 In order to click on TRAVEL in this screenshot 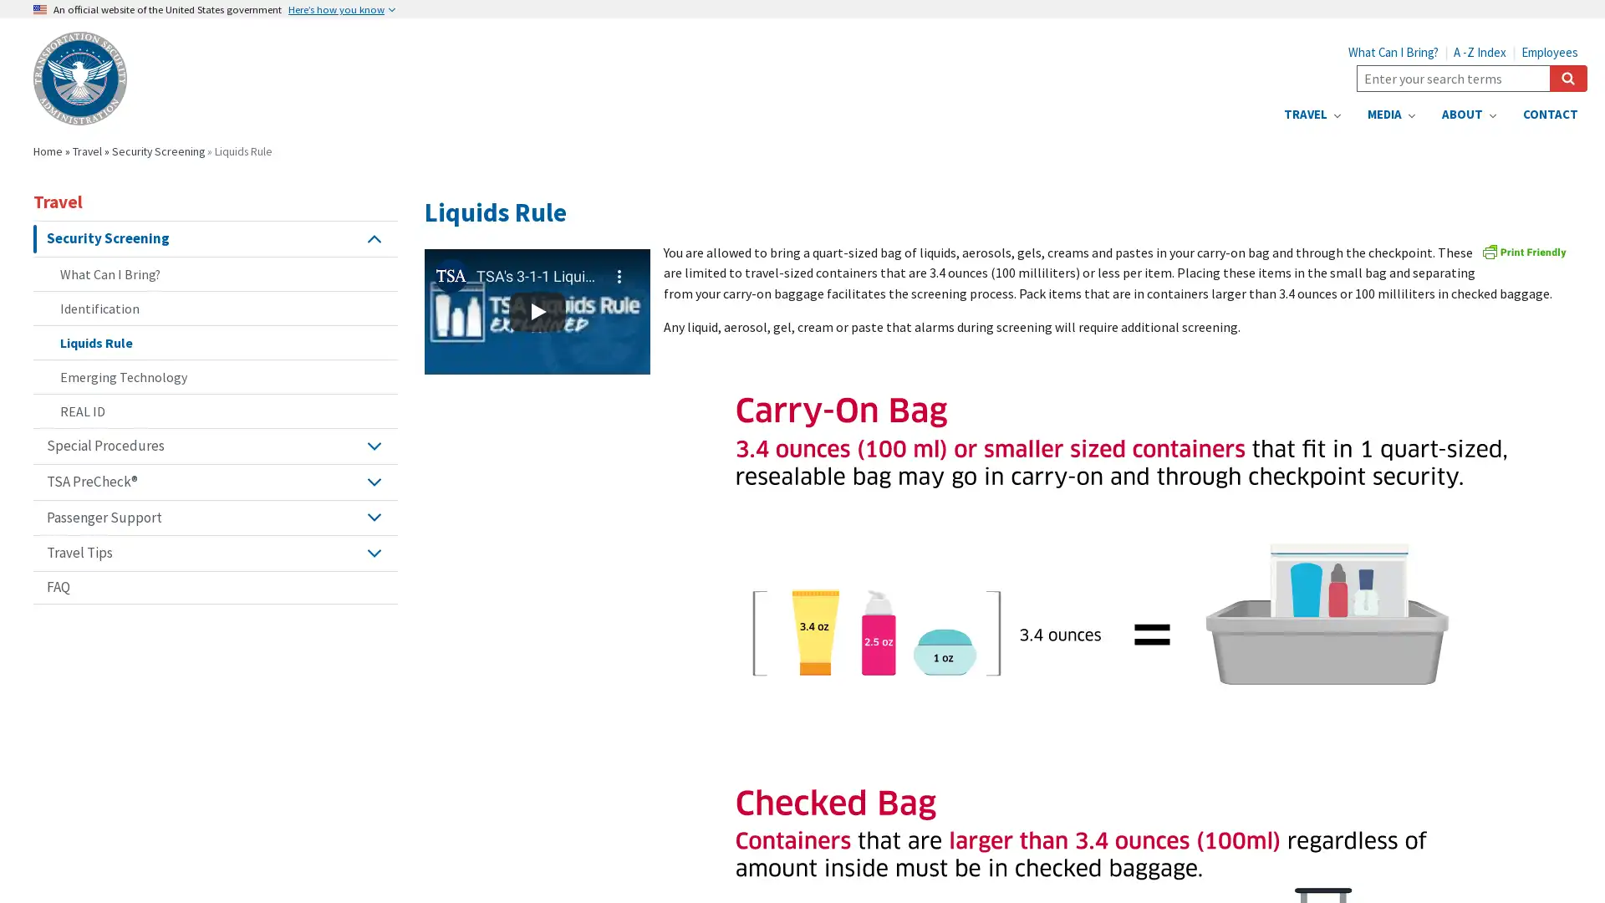, I will do `click(1311, 114)`.